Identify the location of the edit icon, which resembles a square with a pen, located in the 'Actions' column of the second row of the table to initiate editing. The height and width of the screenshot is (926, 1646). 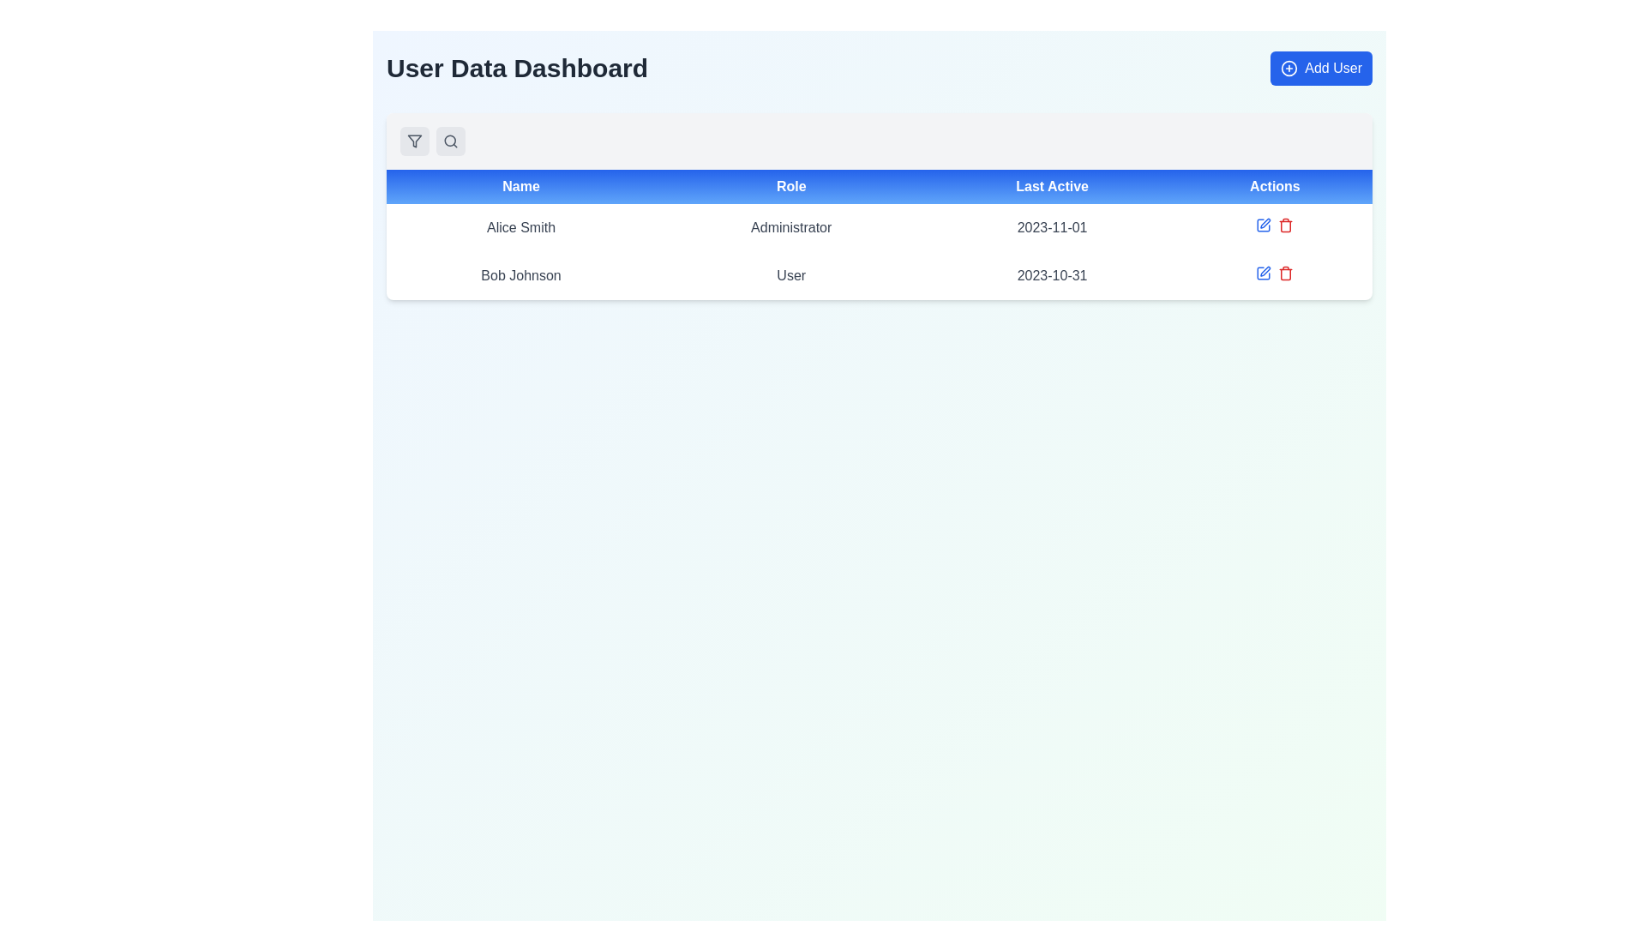
(1264, 273).